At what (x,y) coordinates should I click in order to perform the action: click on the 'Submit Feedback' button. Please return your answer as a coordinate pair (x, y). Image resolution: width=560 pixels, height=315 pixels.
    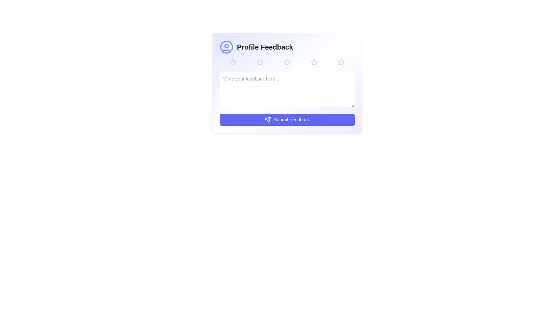
    Looking at the image, I should click on (287, 120).